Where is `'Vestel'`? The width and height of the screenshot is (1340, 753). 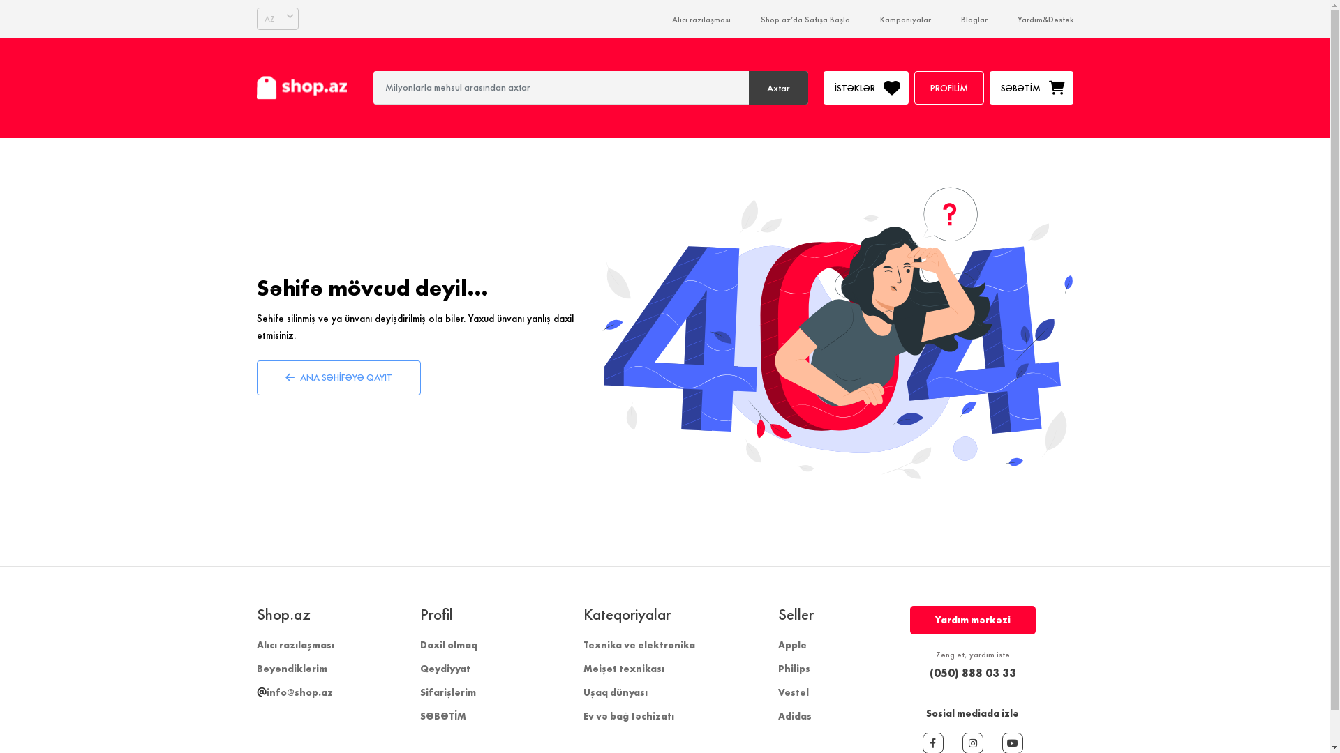
'Vestel' is located at coordinates (776, 692).